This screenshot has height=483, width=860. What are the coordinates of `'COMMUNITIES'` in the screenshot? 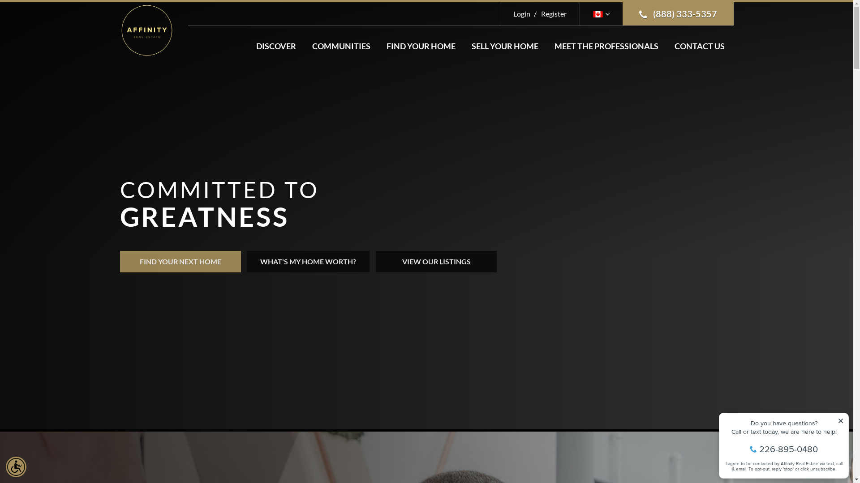 It's located at (340, 46).